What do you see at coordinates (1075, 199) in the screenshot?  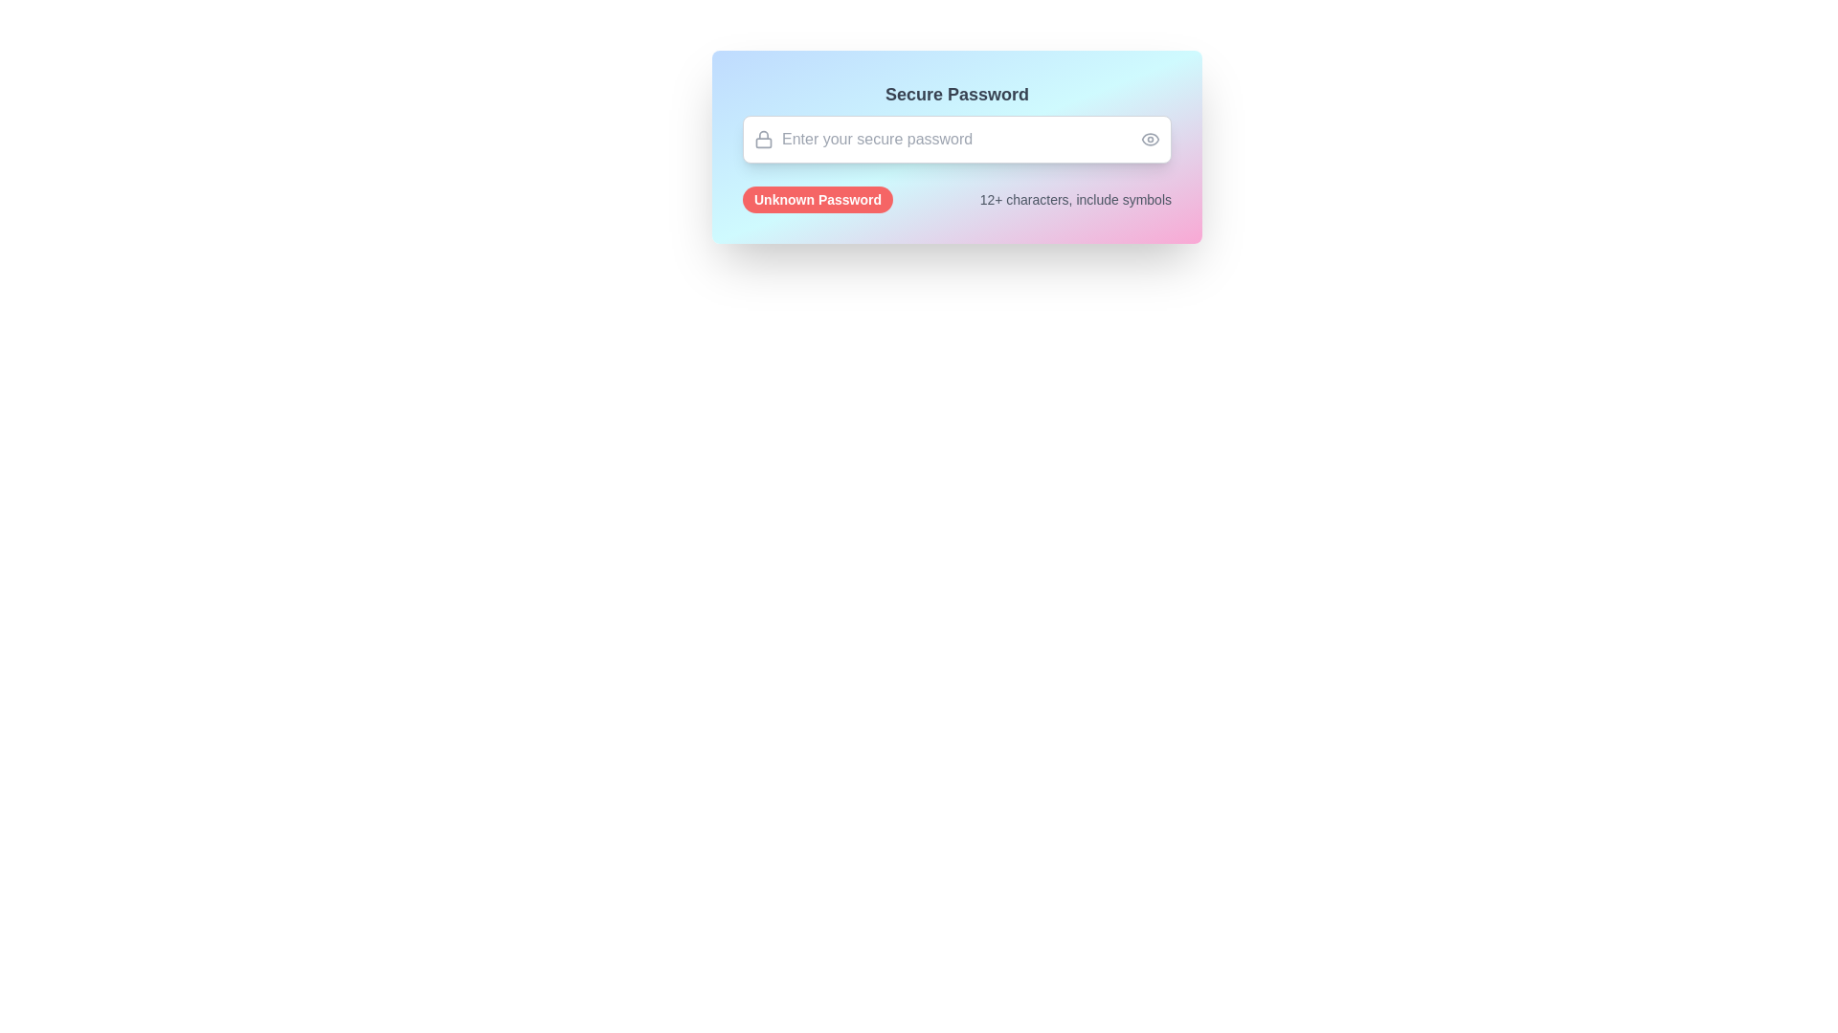 I see `the informational text that reads '12+ characters, include symbols,' which is styled in small, gray-colored font and located to the right of the red badge labeled 'Unknown Password.'` at bounding box center [1075, 199].